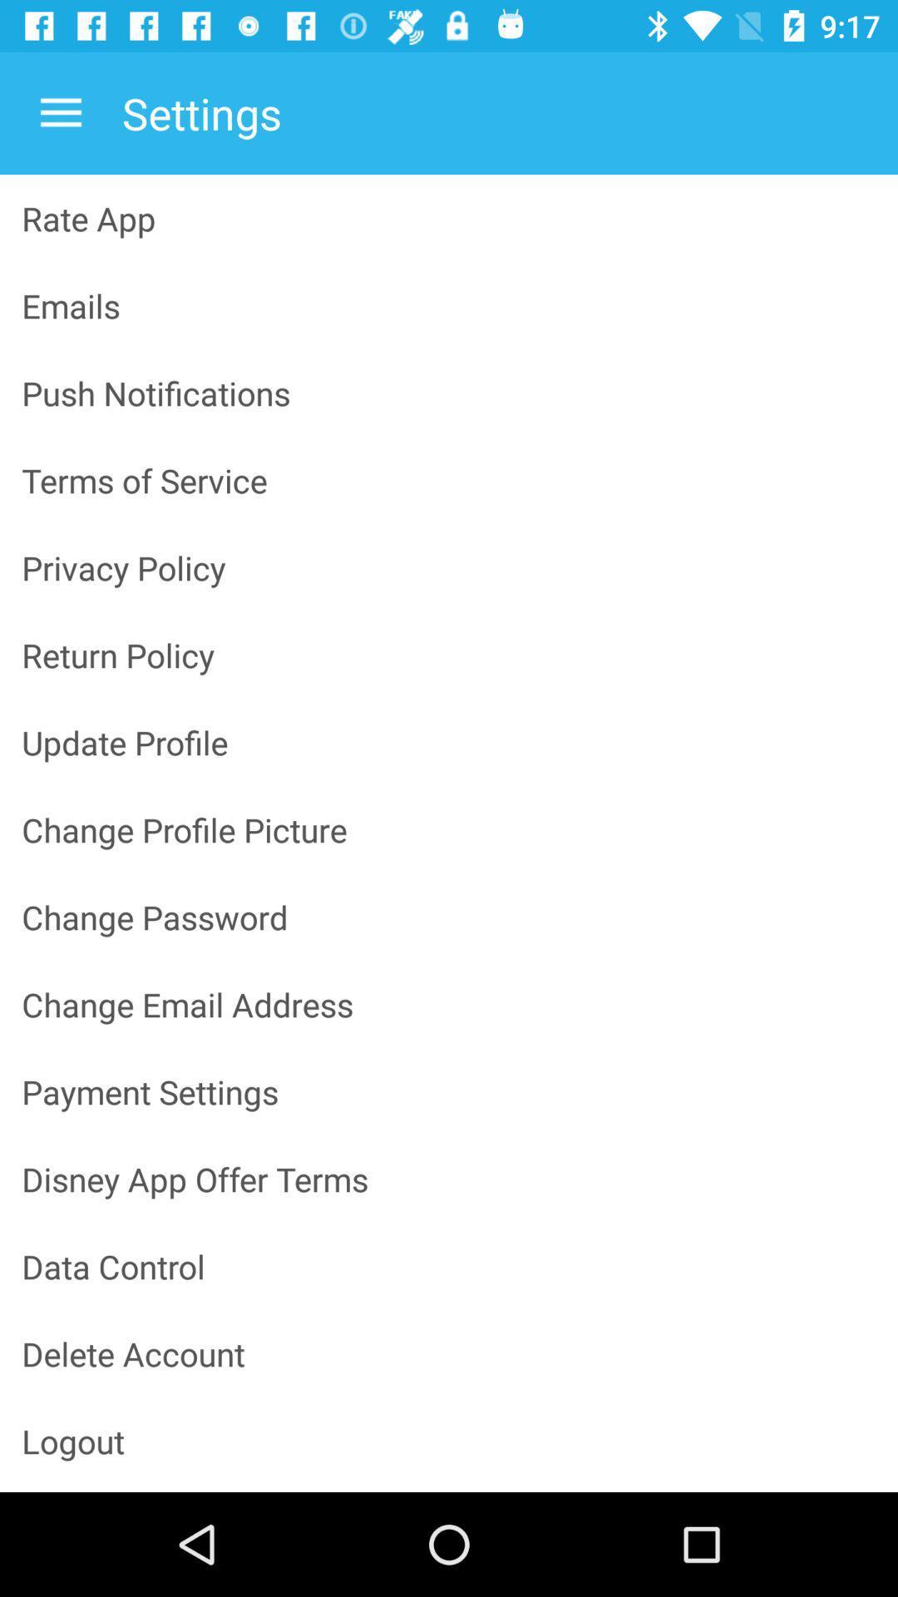 This screenshot has width=898, height=1597. What do you see at coordinates (449, 1003) in the screenshot?
I see `the item below change password item` at bounding box center [449, 1003].